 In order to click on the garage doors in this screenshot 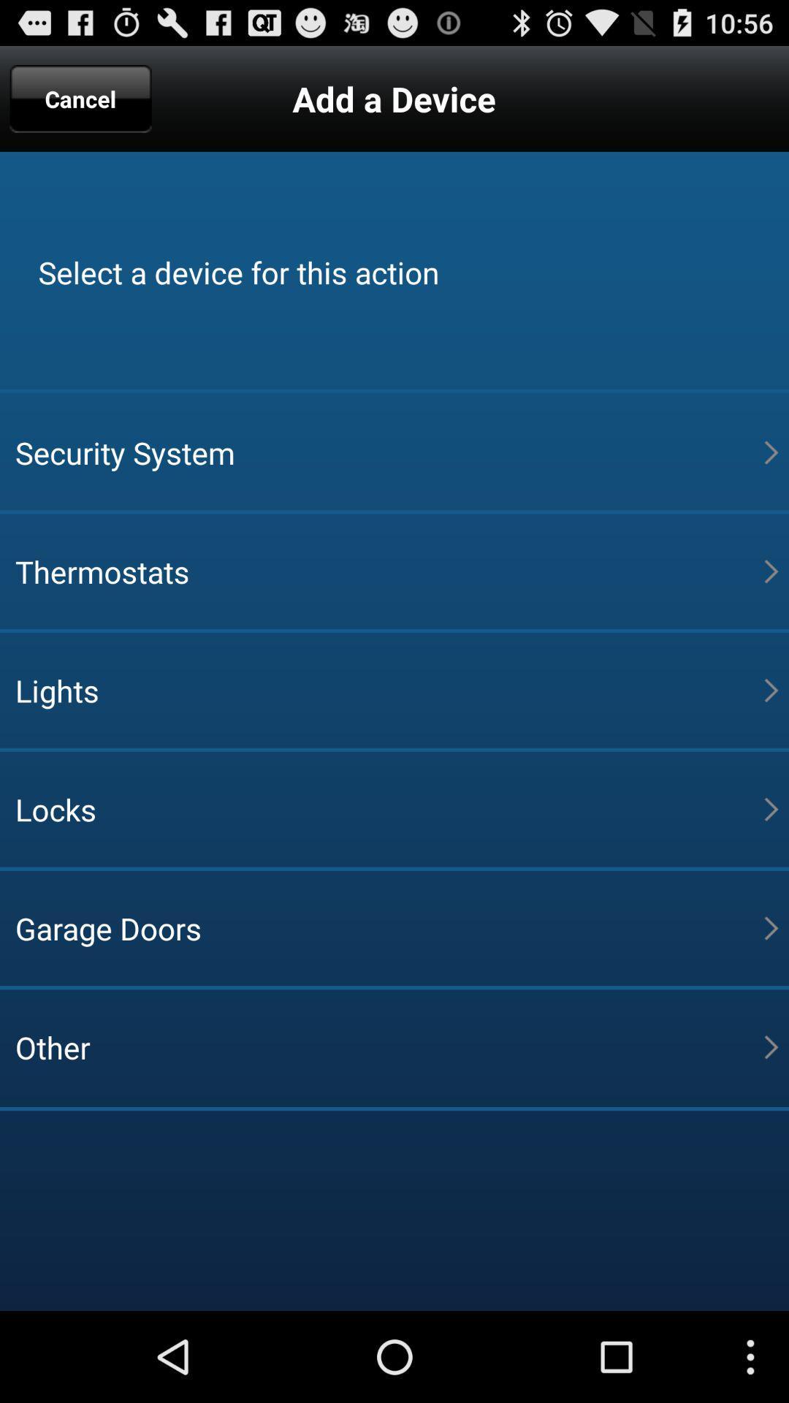, I will do `click(389, 927)`.